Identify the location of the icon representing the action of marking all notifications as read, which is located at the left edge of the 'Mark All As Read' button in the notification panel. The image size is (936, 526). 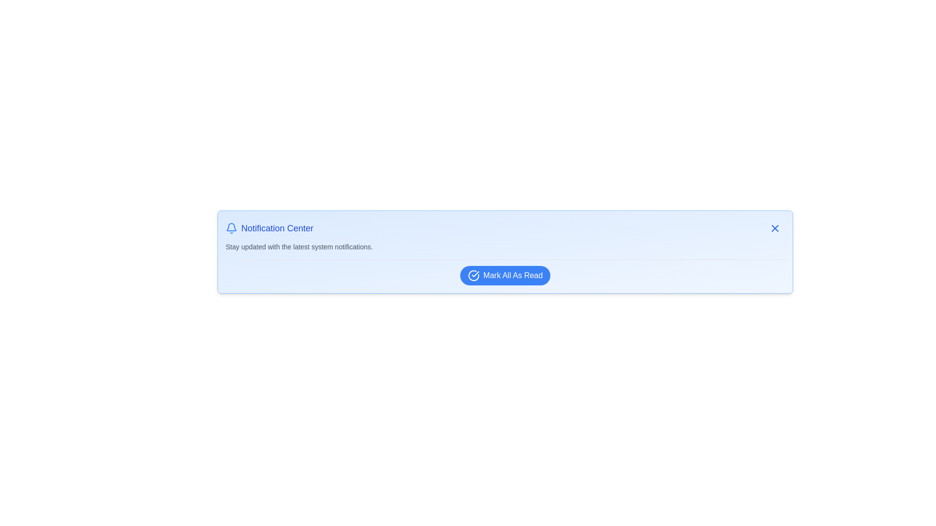
(473, 276).